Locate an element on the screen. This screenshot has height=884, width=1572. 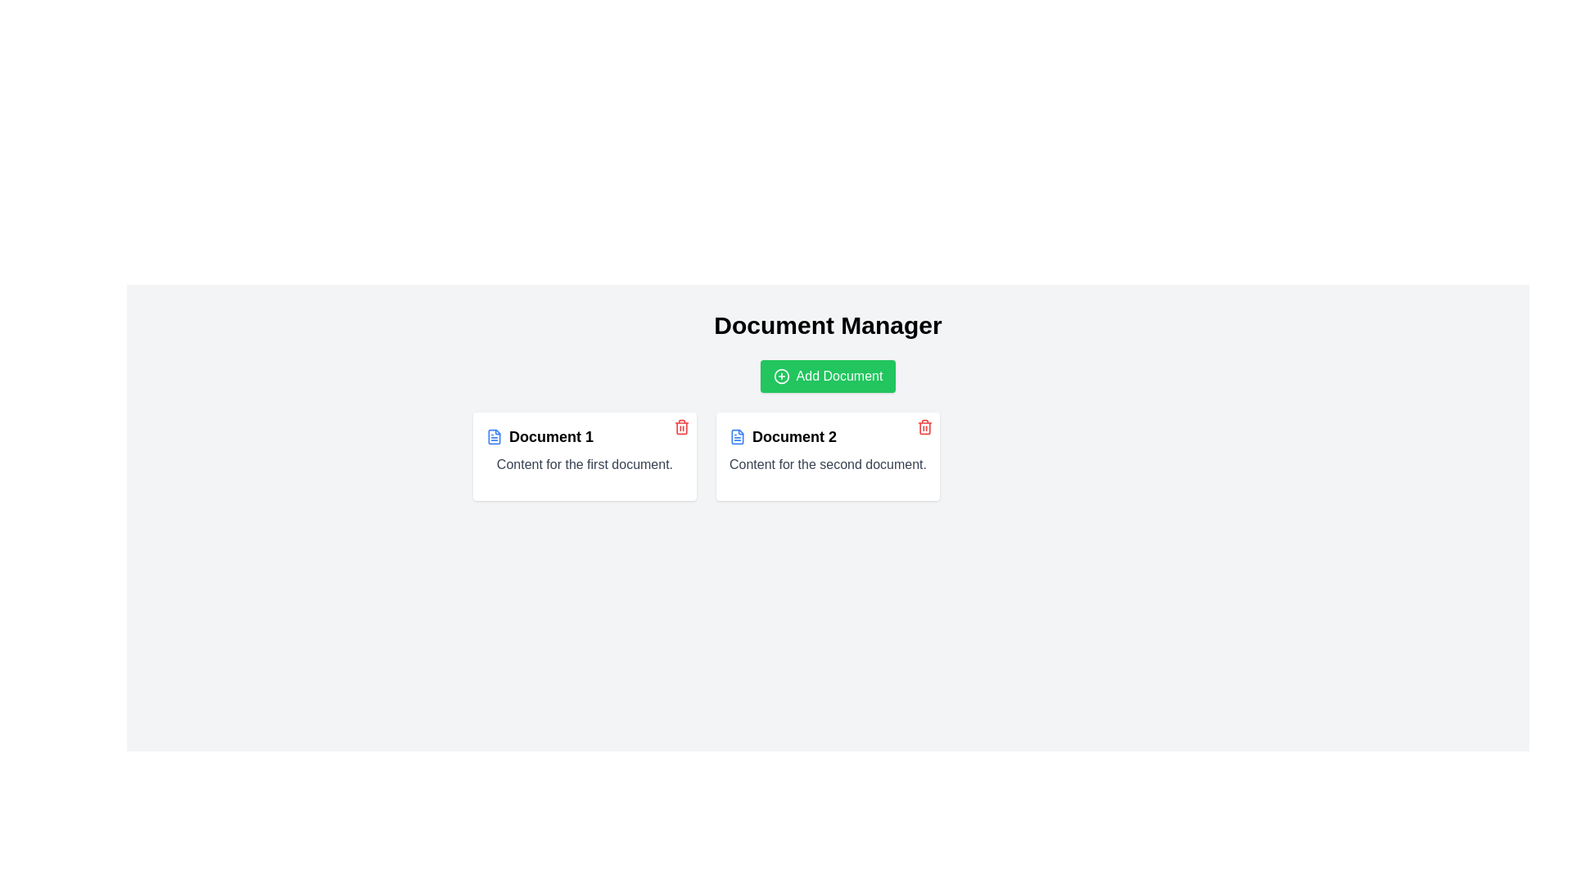
the decorative Icon component that visually represents a document or file, located to the left of the 'Document 1' text label in the Document Manager card is located at coordinates (737, 435).